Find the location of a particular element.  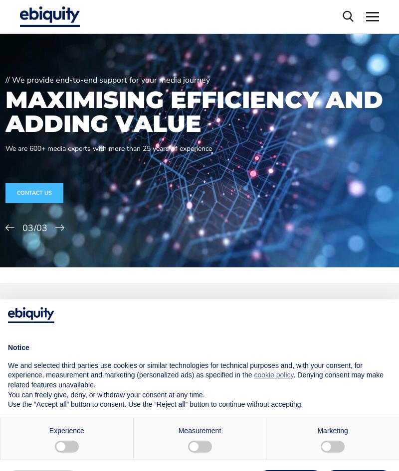

'Use the “Accept all” button to consent. Use the “Reject all” button to continue without accepting.' is located at coordinates (155, 404).